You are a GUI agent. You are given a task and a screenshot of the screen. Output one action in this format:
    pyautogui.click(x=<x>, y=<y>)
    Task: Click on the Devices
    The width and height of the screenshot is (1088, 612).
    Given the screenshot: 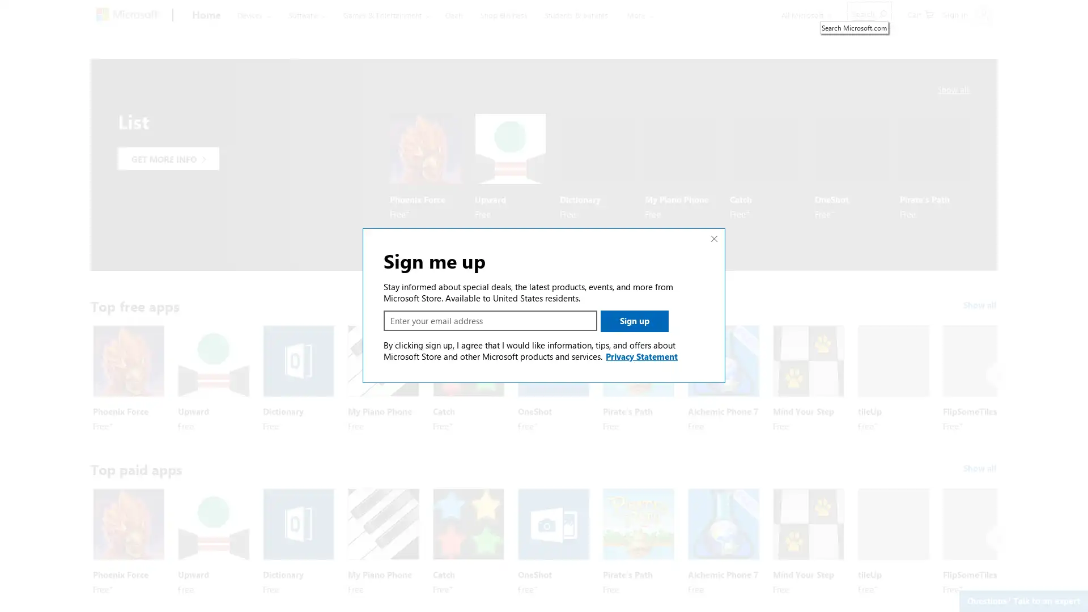 What is the action you would take?
    pyautogui.click(x=253, y=15)
    